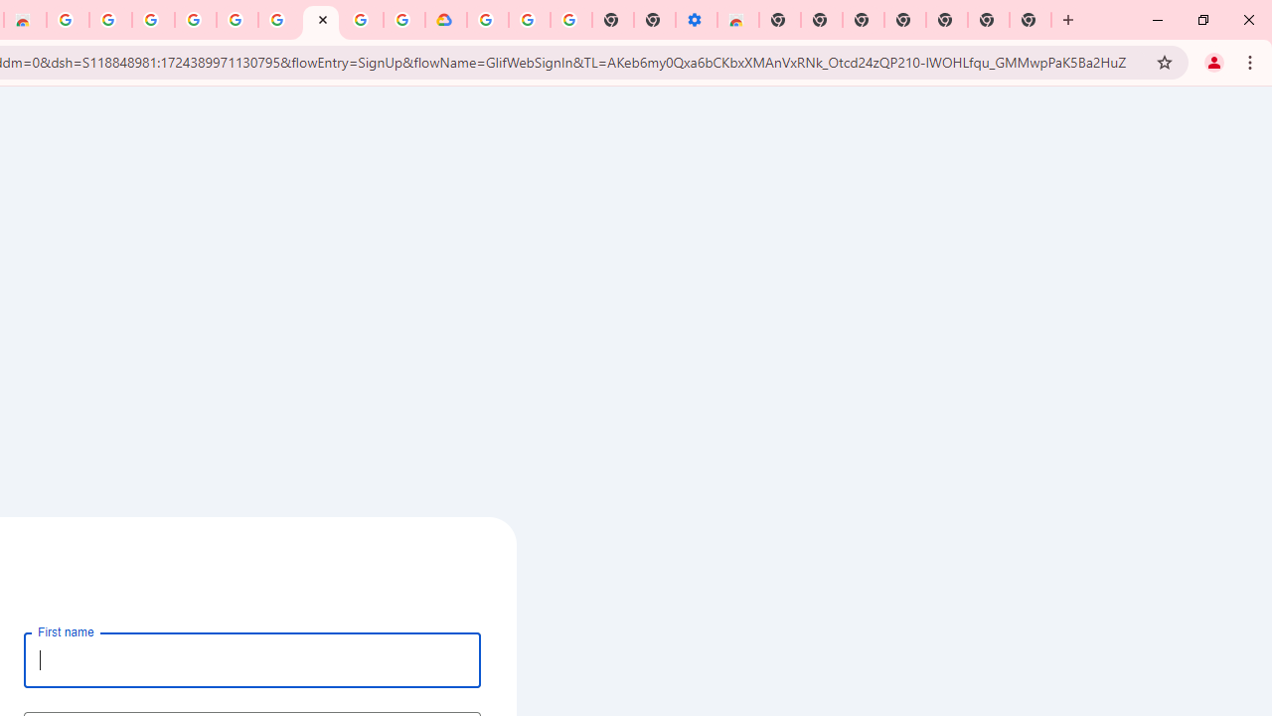  Describe the element at coordinates (1031, 20) in the screenshot. I see `'New Tab'` at that location.